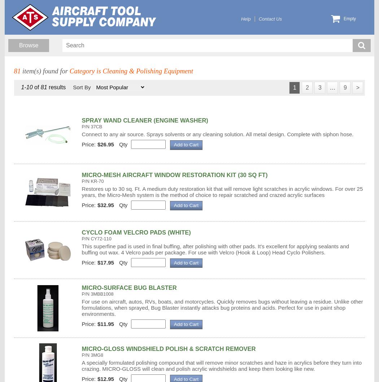 Image resolution: width=379 pixels, height=382 pixels. I want to click on '2', so click(305, 87).